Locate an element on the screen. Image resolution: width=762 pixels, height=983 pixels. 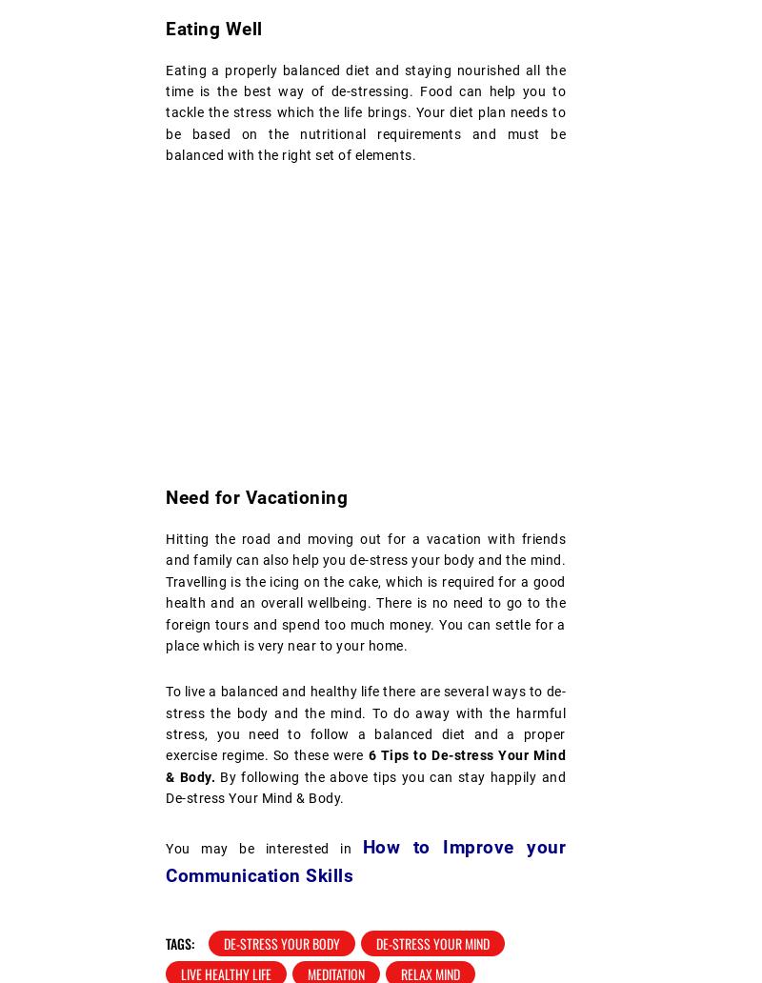
'De-stress Your Body' is located at coordinates (282, 942).